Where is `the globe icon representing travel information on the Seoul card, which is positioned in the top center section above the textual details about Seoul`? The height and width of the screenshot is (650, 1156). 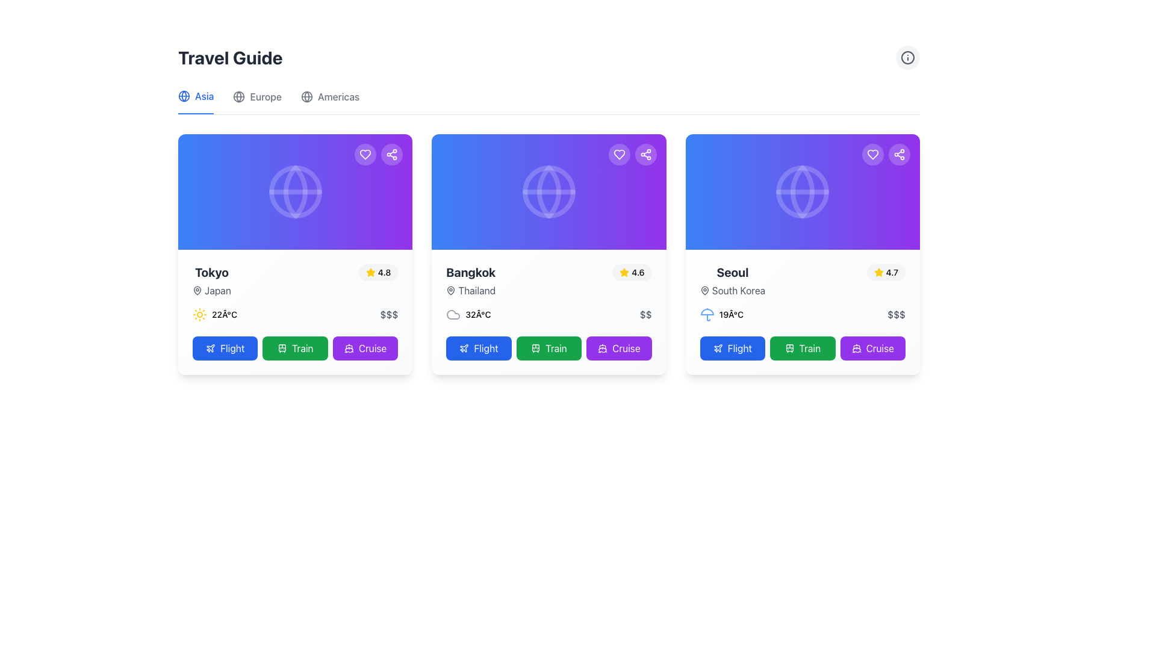 the globe icon representing travel information on the Seoul card, which is positioned in the top center section above the textual details about Seoul is located at coordinates (803, 191).